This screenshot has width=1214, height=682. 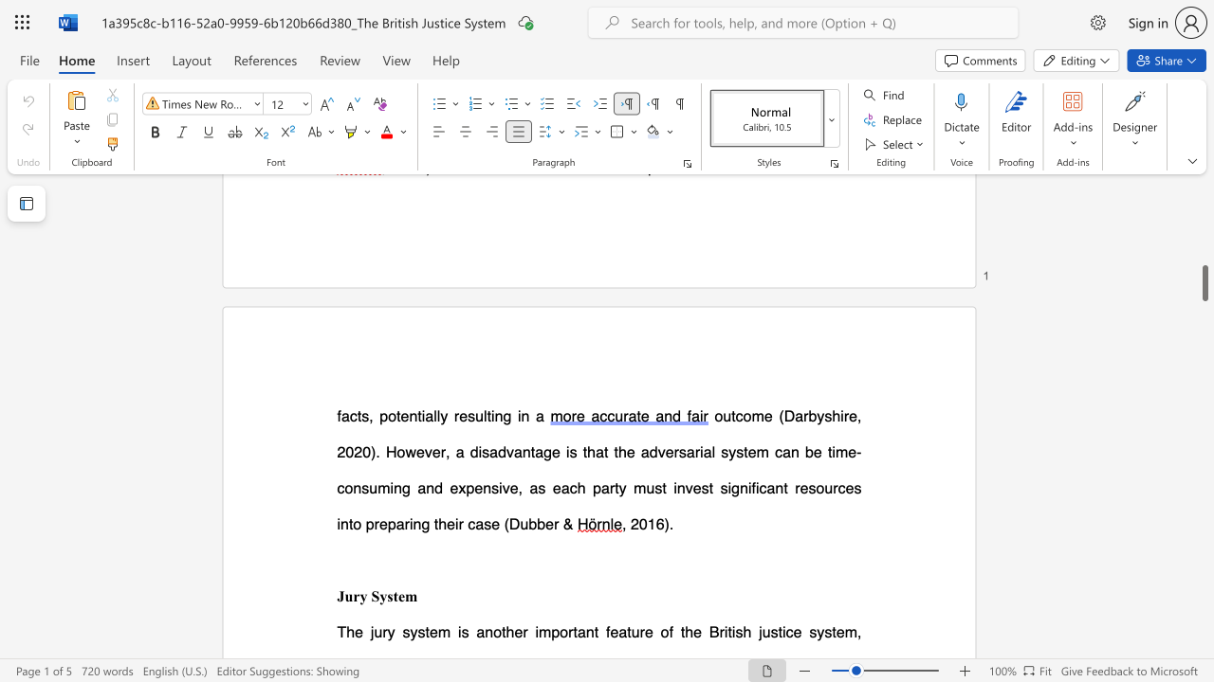 What do you see at coordinates (738, 415) in the screenshot?
I see `the 1th character "c" in the text` at bounding box center [738, 415].